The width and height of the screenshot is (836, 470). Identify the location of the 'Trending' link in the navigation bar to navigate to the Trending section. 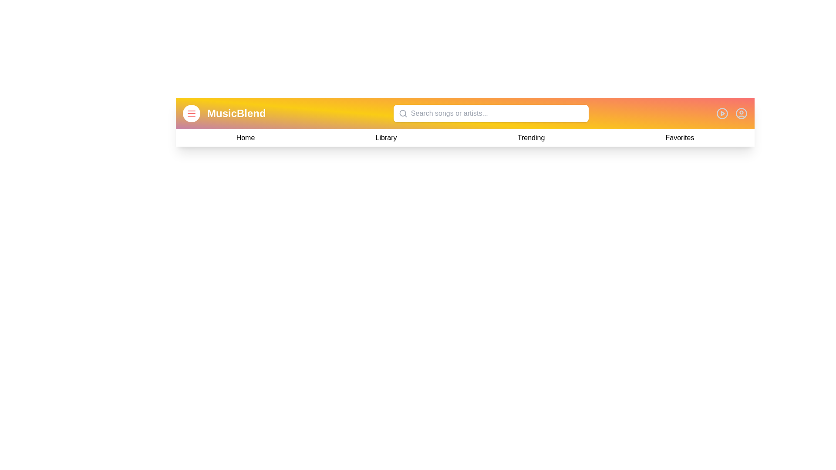
(530, 137).